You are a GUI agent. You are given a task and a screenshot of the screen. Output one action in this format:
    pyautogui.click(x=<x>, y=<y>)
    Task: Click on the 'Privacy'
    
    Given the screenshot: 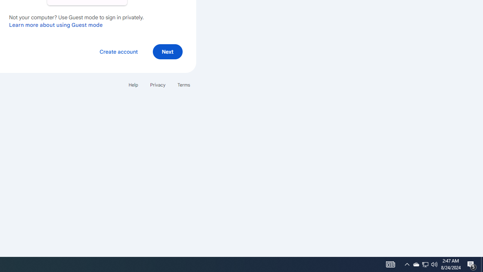 What is the action you would take?
    pyautogui.click(x=157, y=85)
    